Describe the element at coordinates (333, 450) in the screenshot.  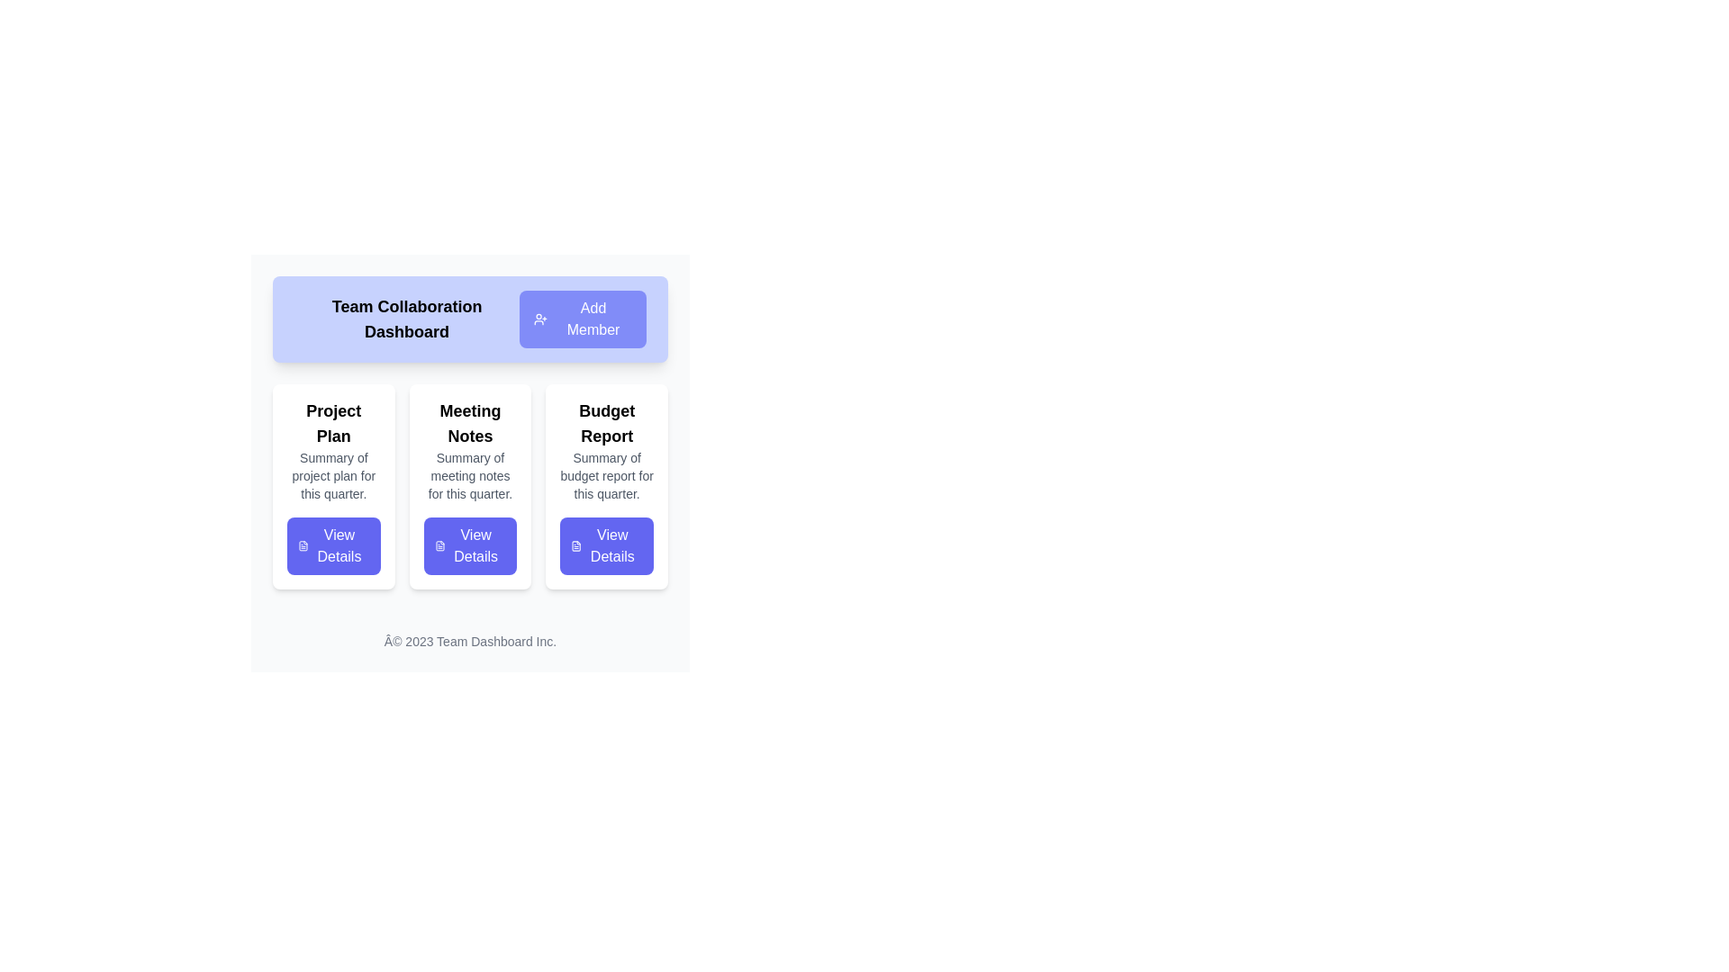
I see `the Text Block titled 'Project Plan' which contains a subtitle 'Summary of project plan for this quarter.' This Text Block is located in the first column of the card layout under the 'Team Collaboration Dashboard', above the 'View Details' button` at that location.